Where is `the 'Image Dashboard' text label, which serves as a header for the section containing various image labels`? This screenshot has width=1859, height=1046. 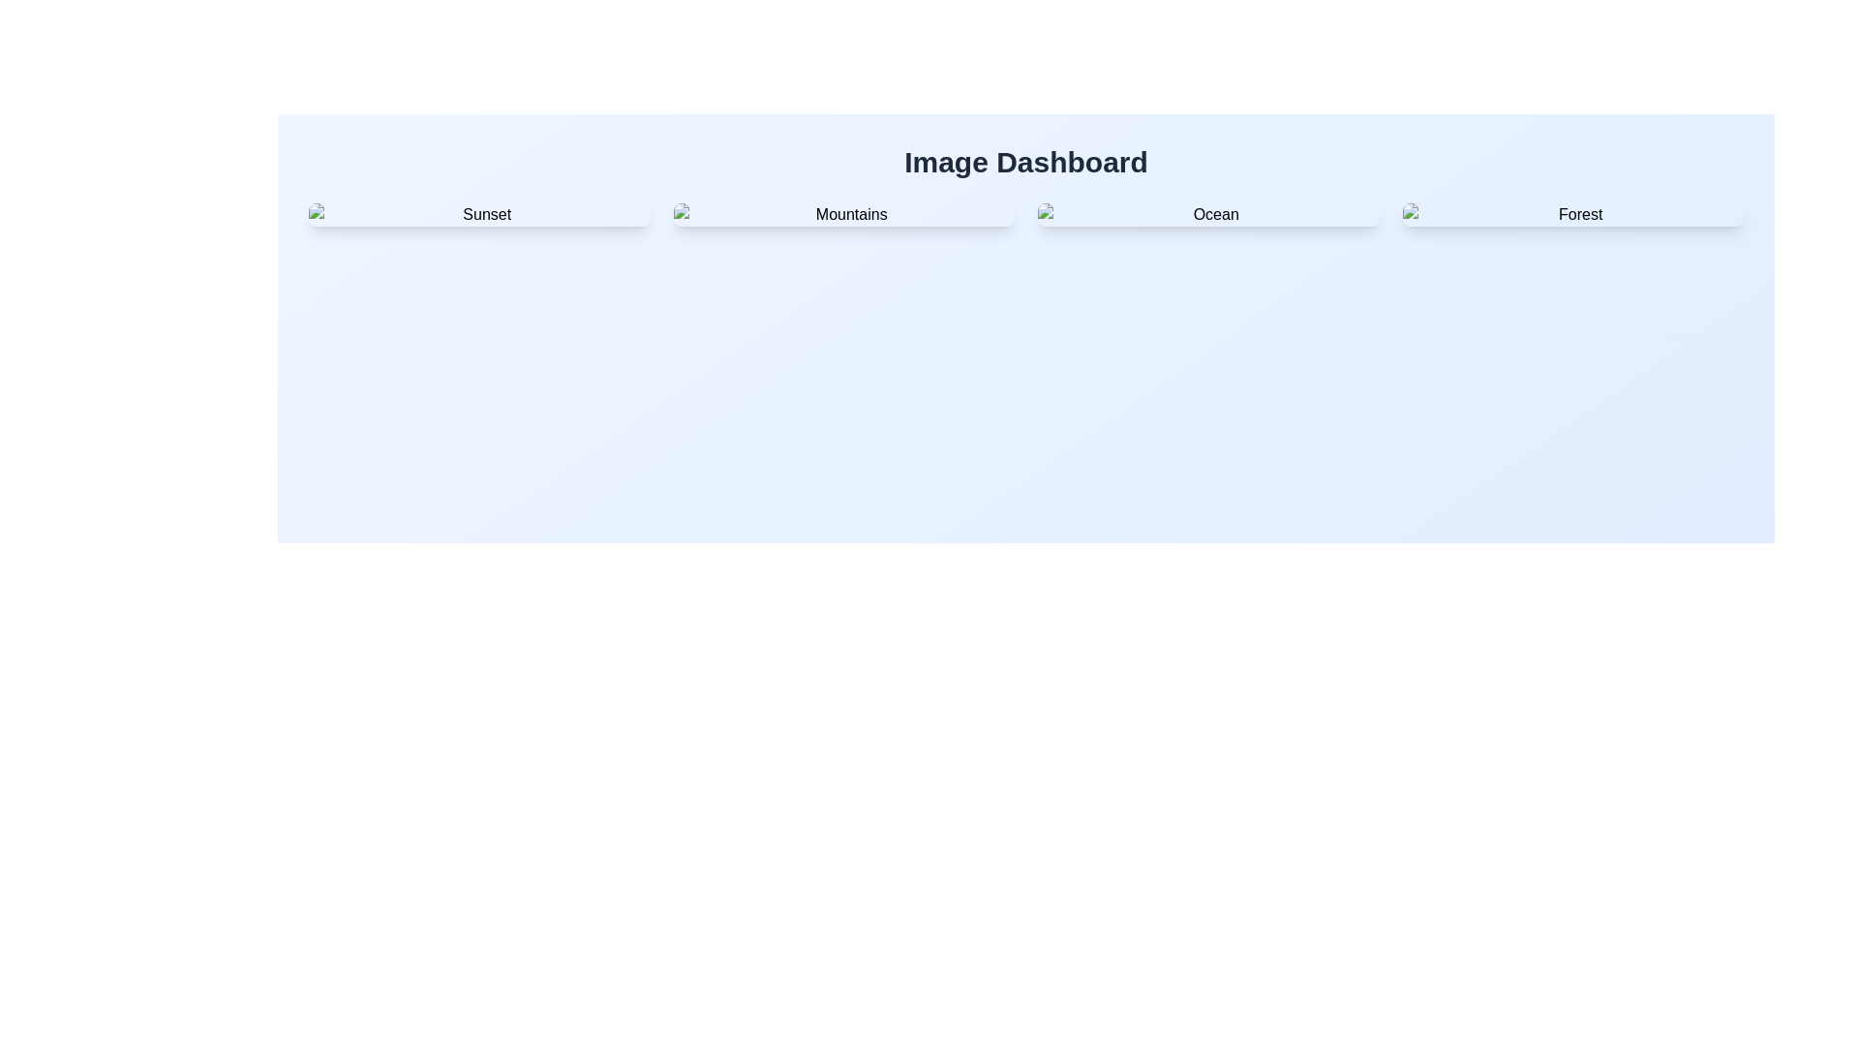
the 'Image Dashboard' text label, which serves as a header for the section containing various image labels is located at coordinates (1025, 162).